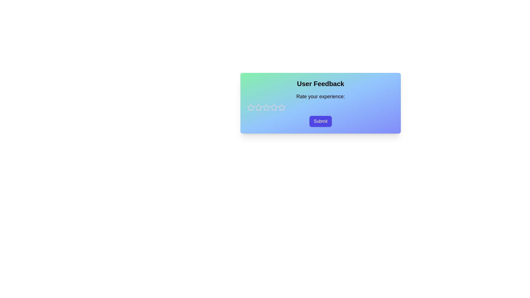  I want to click on the label displaying 'Rate your experience:' which is located below the title 'User Feedback' and above the star rating components, so click(320, 96).